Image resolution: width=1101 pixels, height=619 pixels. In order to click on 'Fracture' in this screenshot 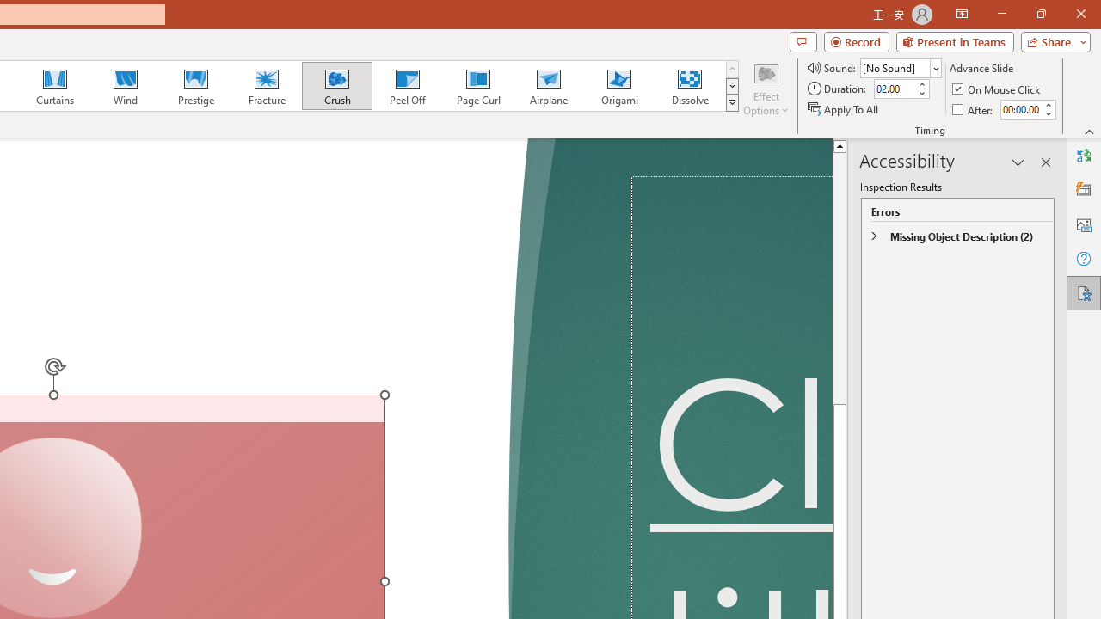, I will do `click(265, 86)`.